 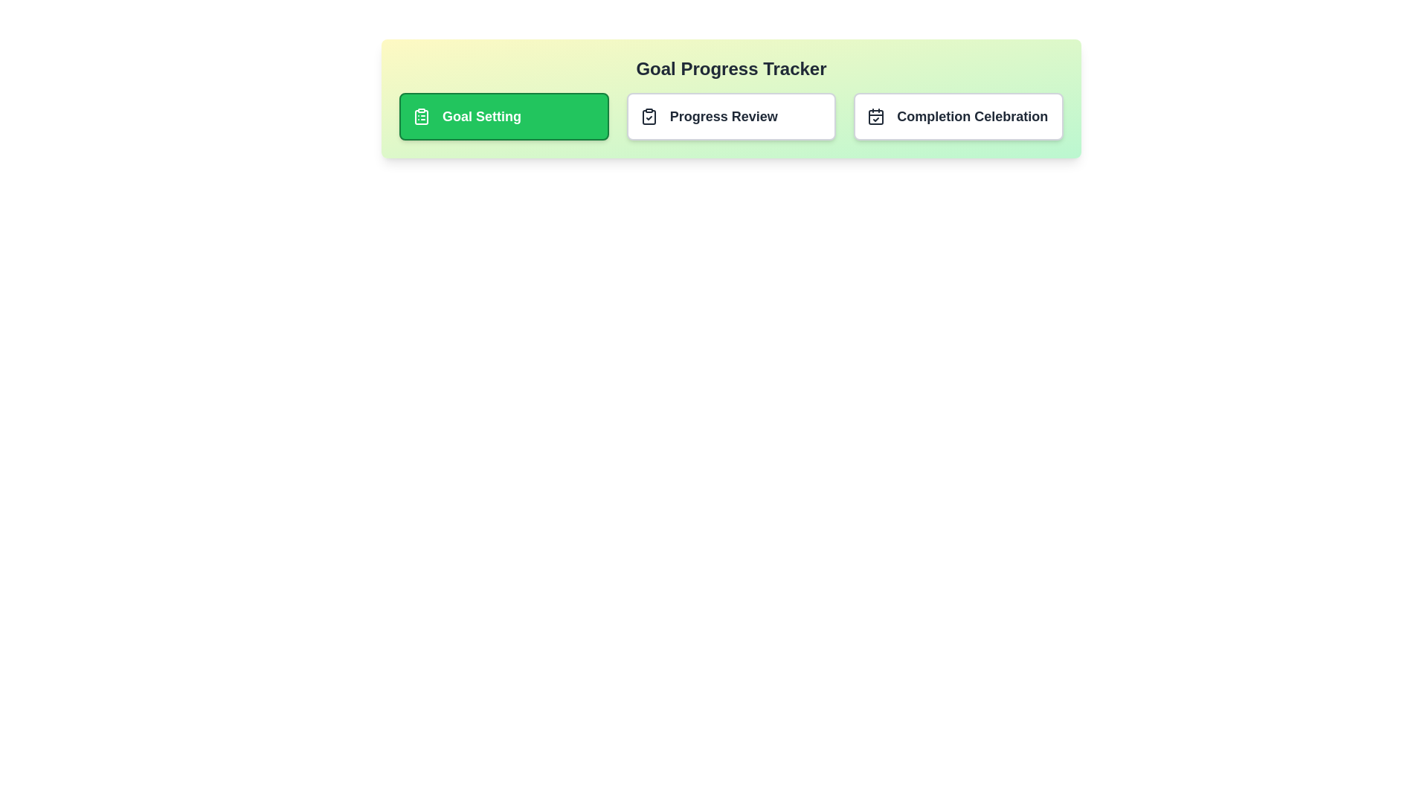 I want to click on the icon associated with the milestone Goal Setting, so click(x=420, y=116).